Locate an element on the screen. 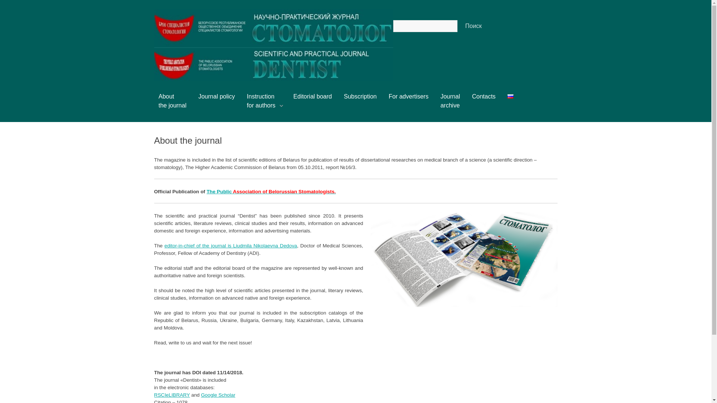  'Journal policy' is located at coordinates (216, 99).